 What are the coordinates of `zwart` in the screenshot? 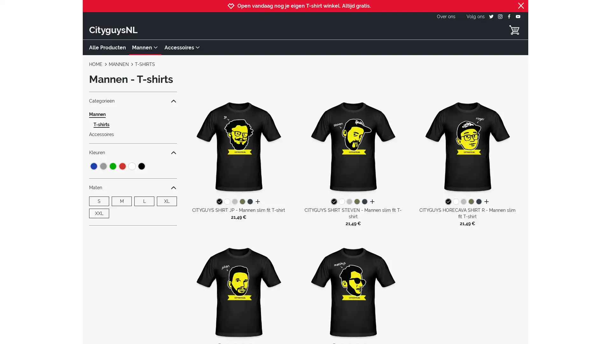 It's located at (448, 202).